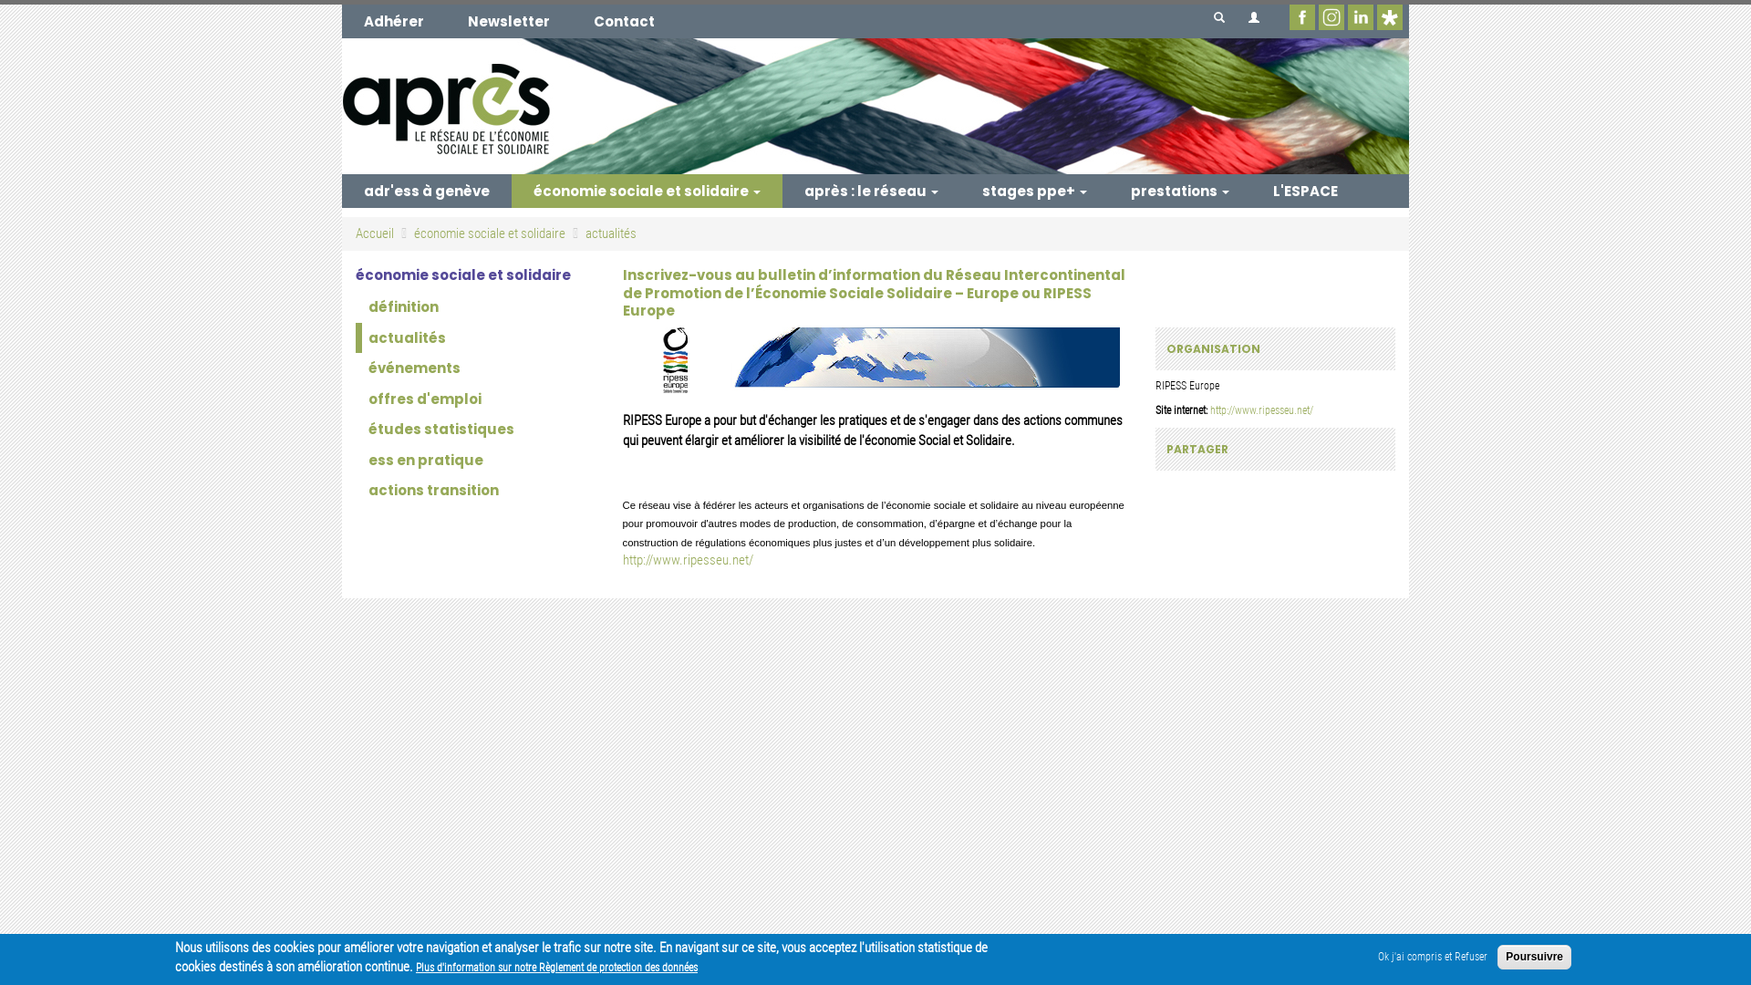 The height and width of the screenshot is (985, 1751). I want to click on 'L'ESPACE', so click(1304, 191).